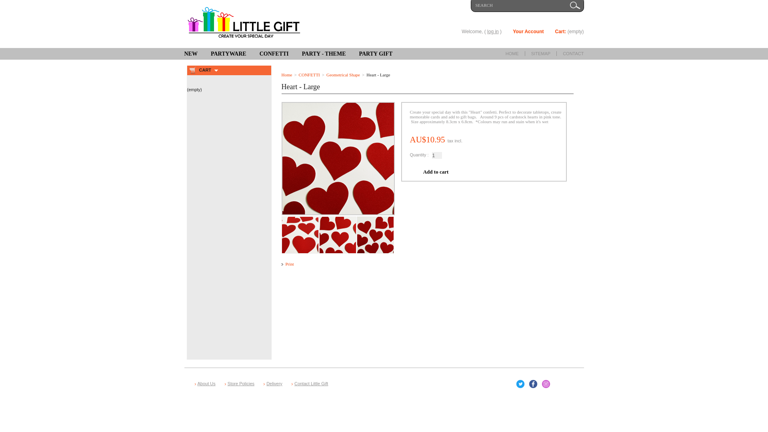 The image size is (768, 432). What do you see at coordinates (516, 384) in the screenshot?
I see `'Twitter'` at bounding box center [516, 384].